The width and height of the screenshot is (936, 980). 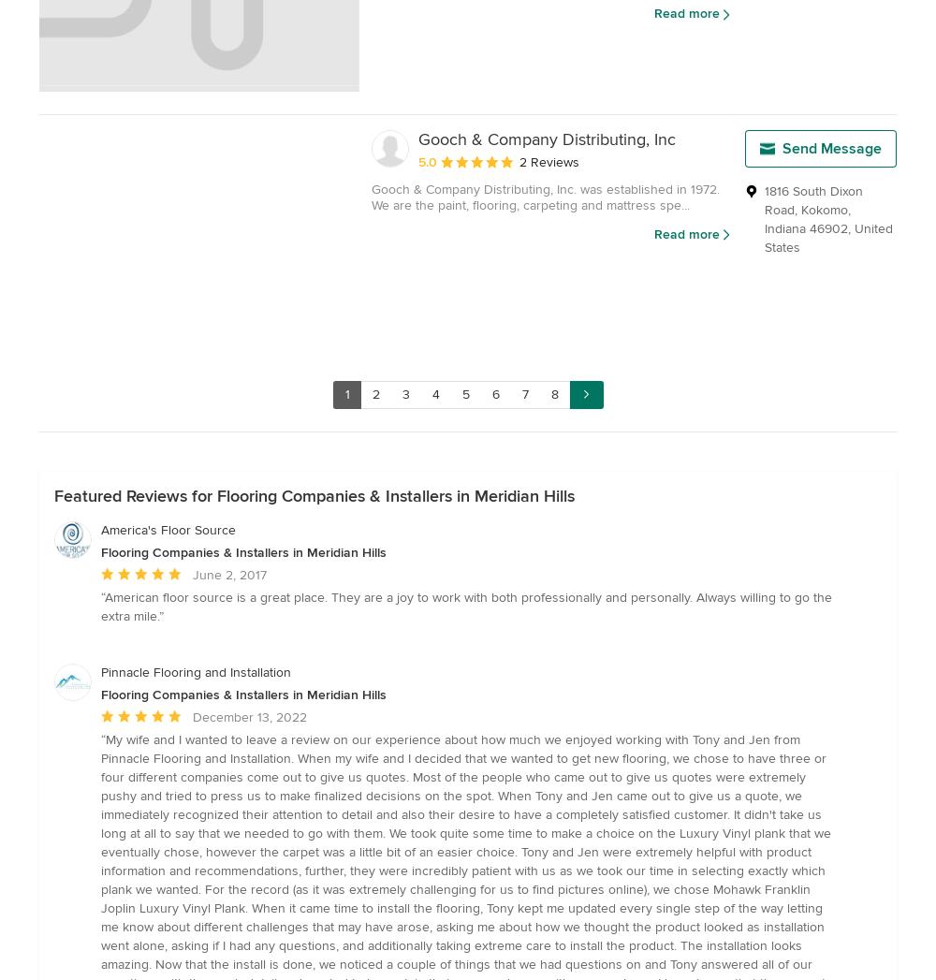 What do you see at coordinates (464, 392) in the screenshot?
I see `'5'` at bounding box center [464, 392].